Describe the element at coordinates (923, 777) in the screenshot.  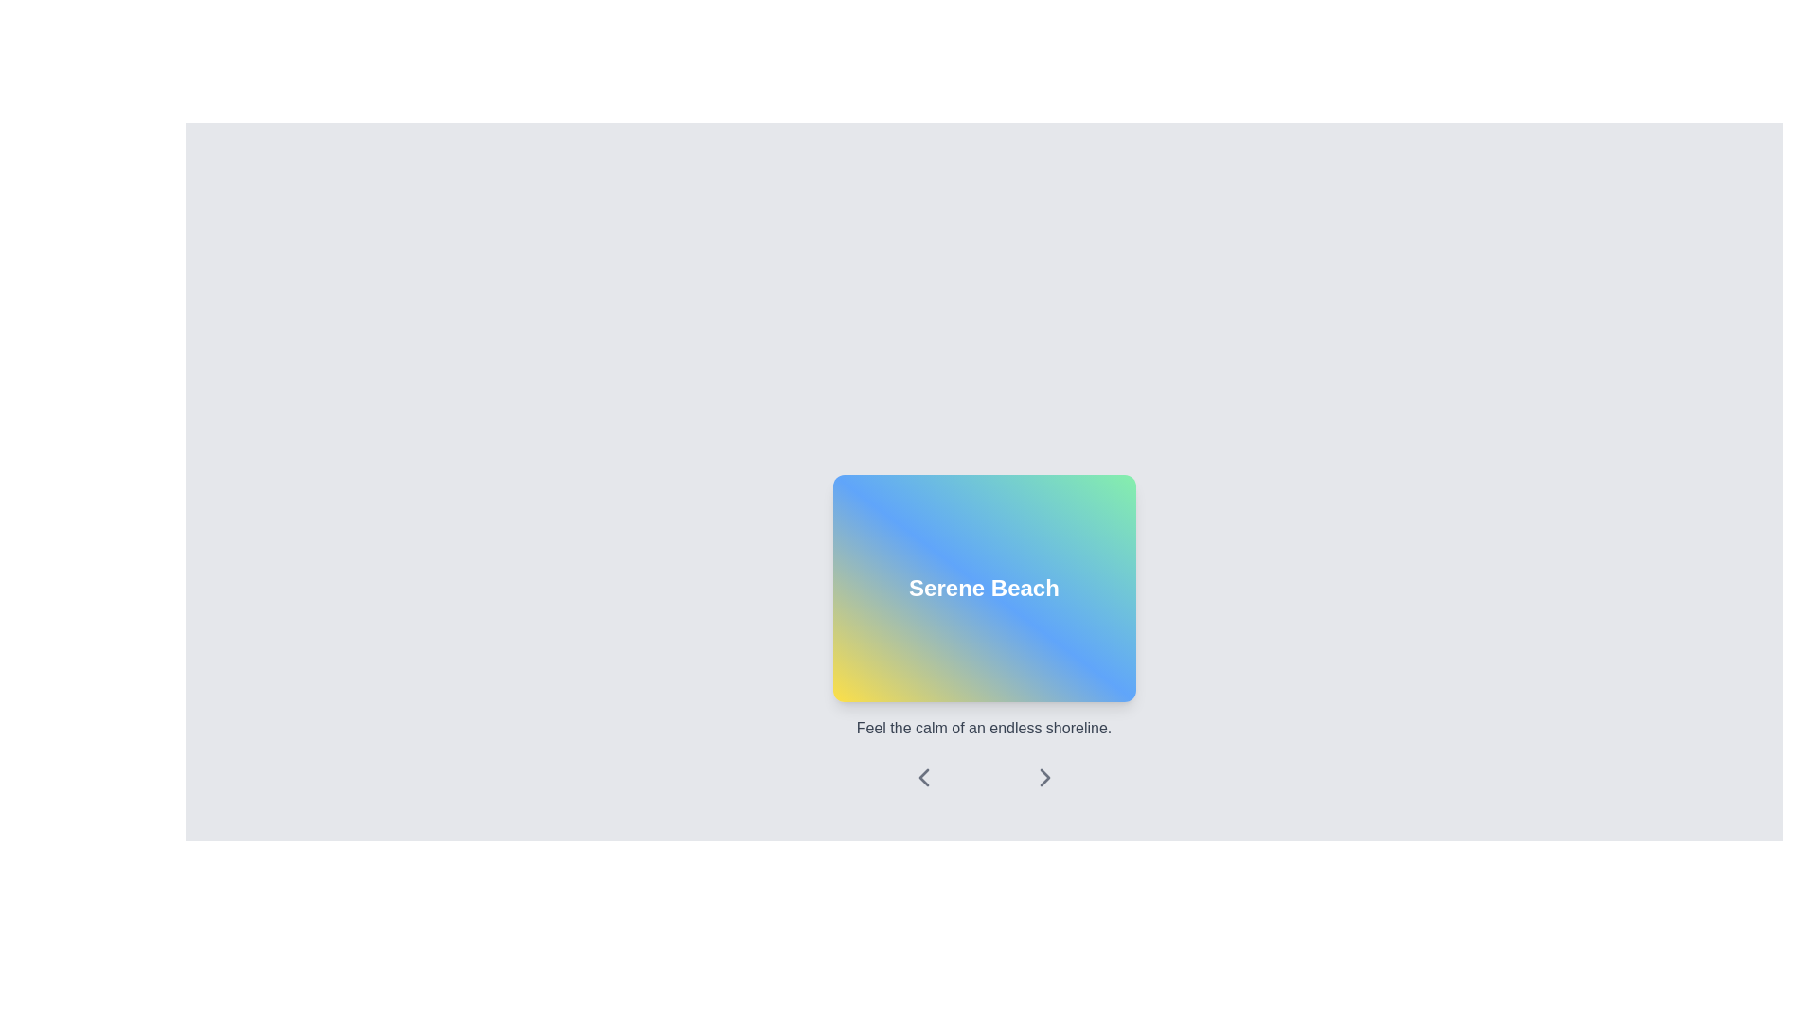
I see `the left navigation button, which allows users to move to the previous item in a sequence or slideshow` at that location.